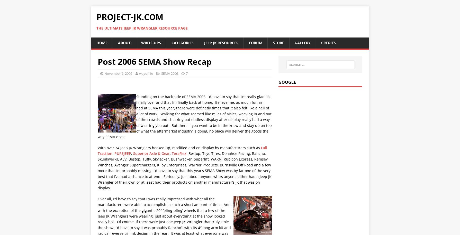 The width and height of the screenshot is (460, 235). Describe the element at coordinates (129, 16) in the screenshot. I see `'Project-JK.com'` at that location.